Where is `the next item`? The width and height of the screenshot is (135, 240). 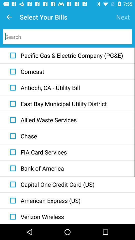
the next item is located at coordinates (122, 17).